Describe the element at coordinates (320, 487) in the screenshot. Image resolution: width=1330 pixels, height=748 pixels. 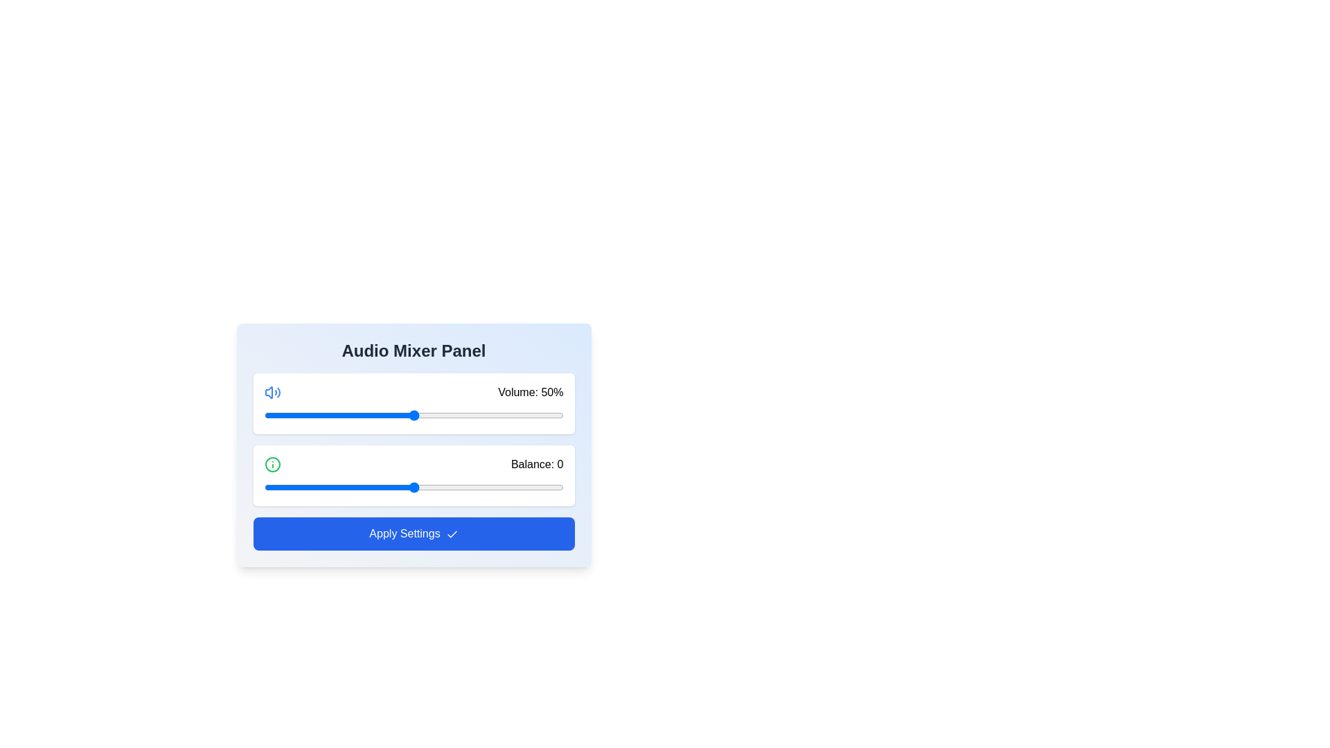
I see `the balance slider to set the balance to -31` at that location.